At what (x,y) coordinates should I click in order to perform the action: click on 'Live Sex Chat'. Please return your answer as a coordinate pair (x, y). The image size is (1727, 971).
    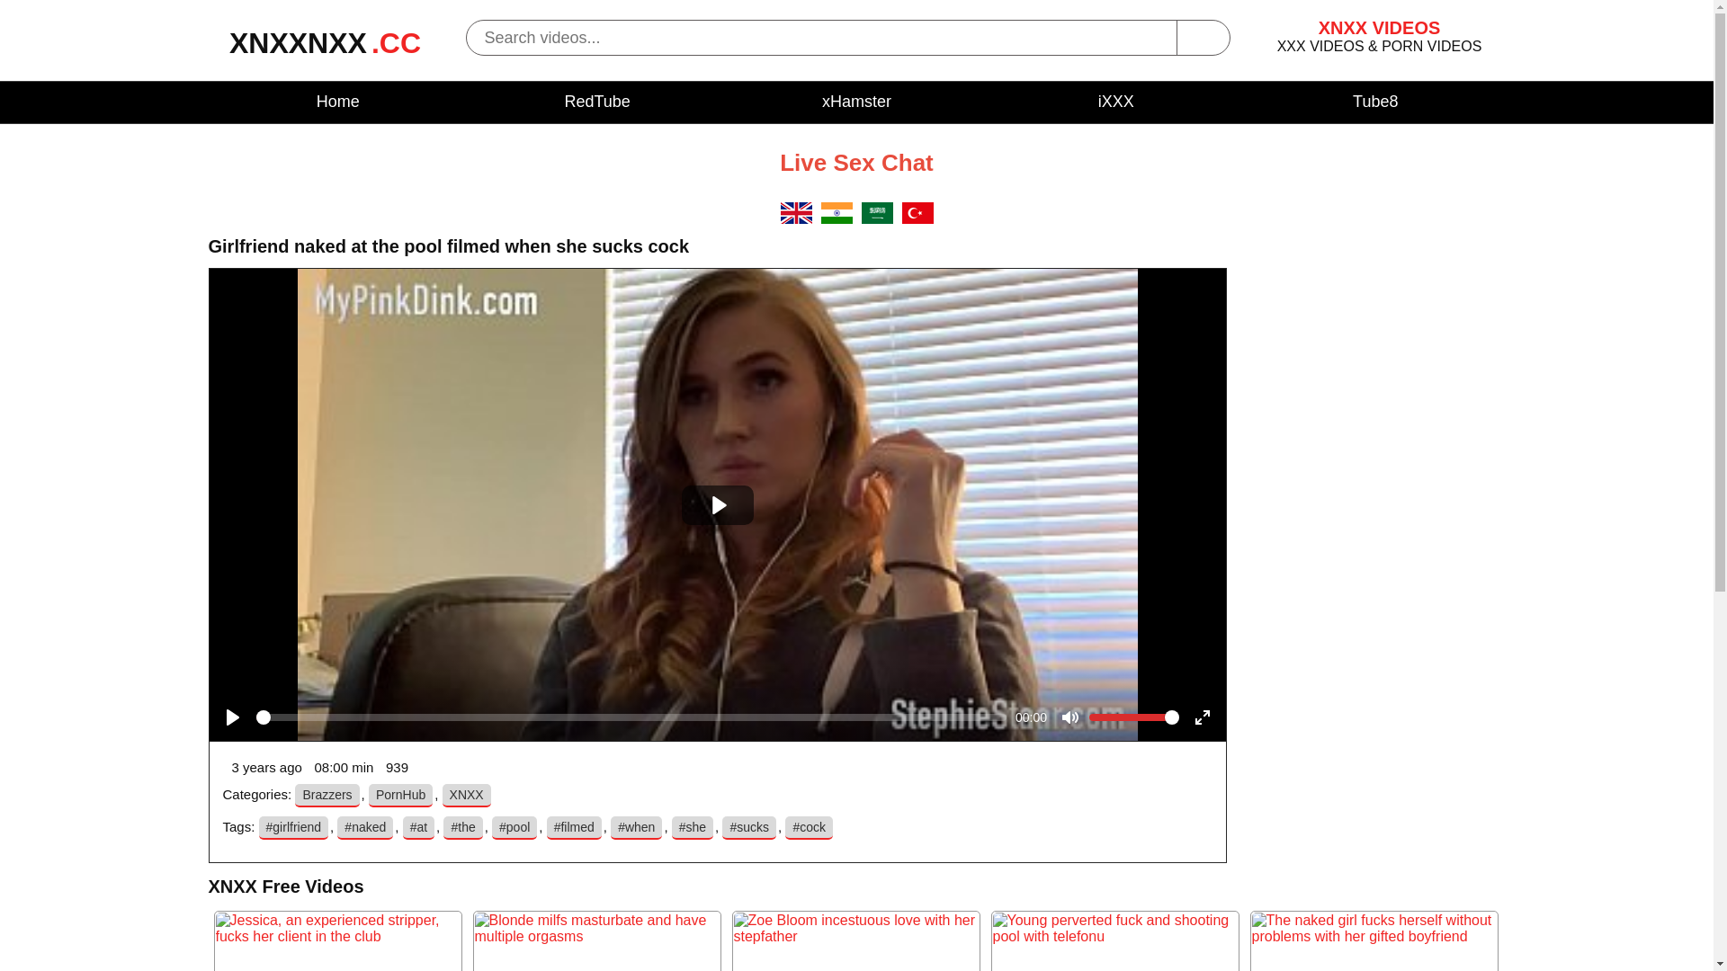
    Looking at the image, I should click on (780, 163).